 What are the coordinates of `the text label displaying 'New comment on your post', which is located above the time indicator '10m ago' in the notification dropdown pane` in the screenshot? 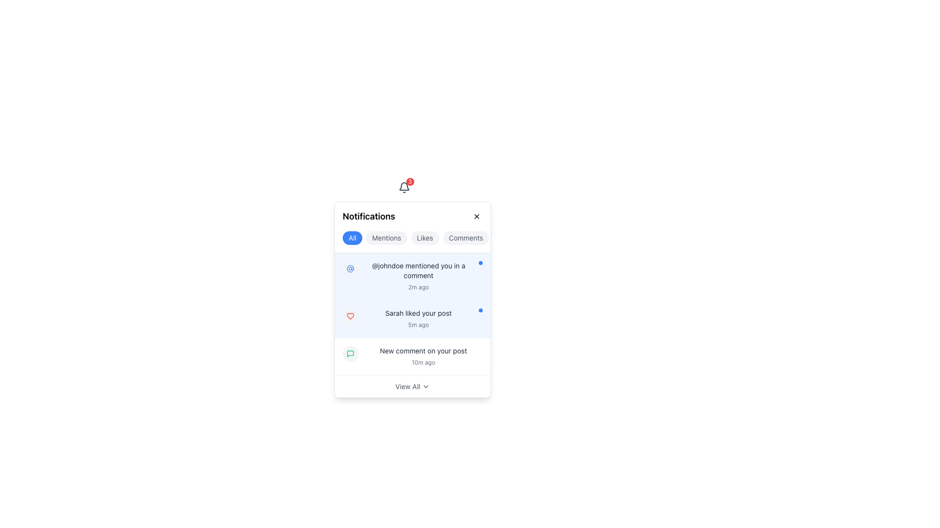 It's located at (423, 350).